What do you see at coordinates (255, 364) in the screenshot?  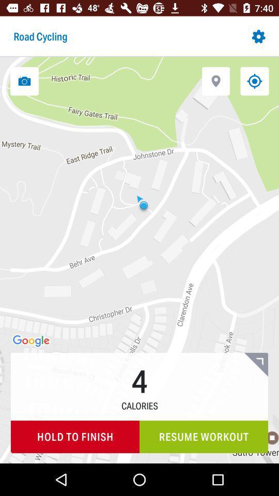 I see `the bookmark icon` at bounding box center [255, 364].